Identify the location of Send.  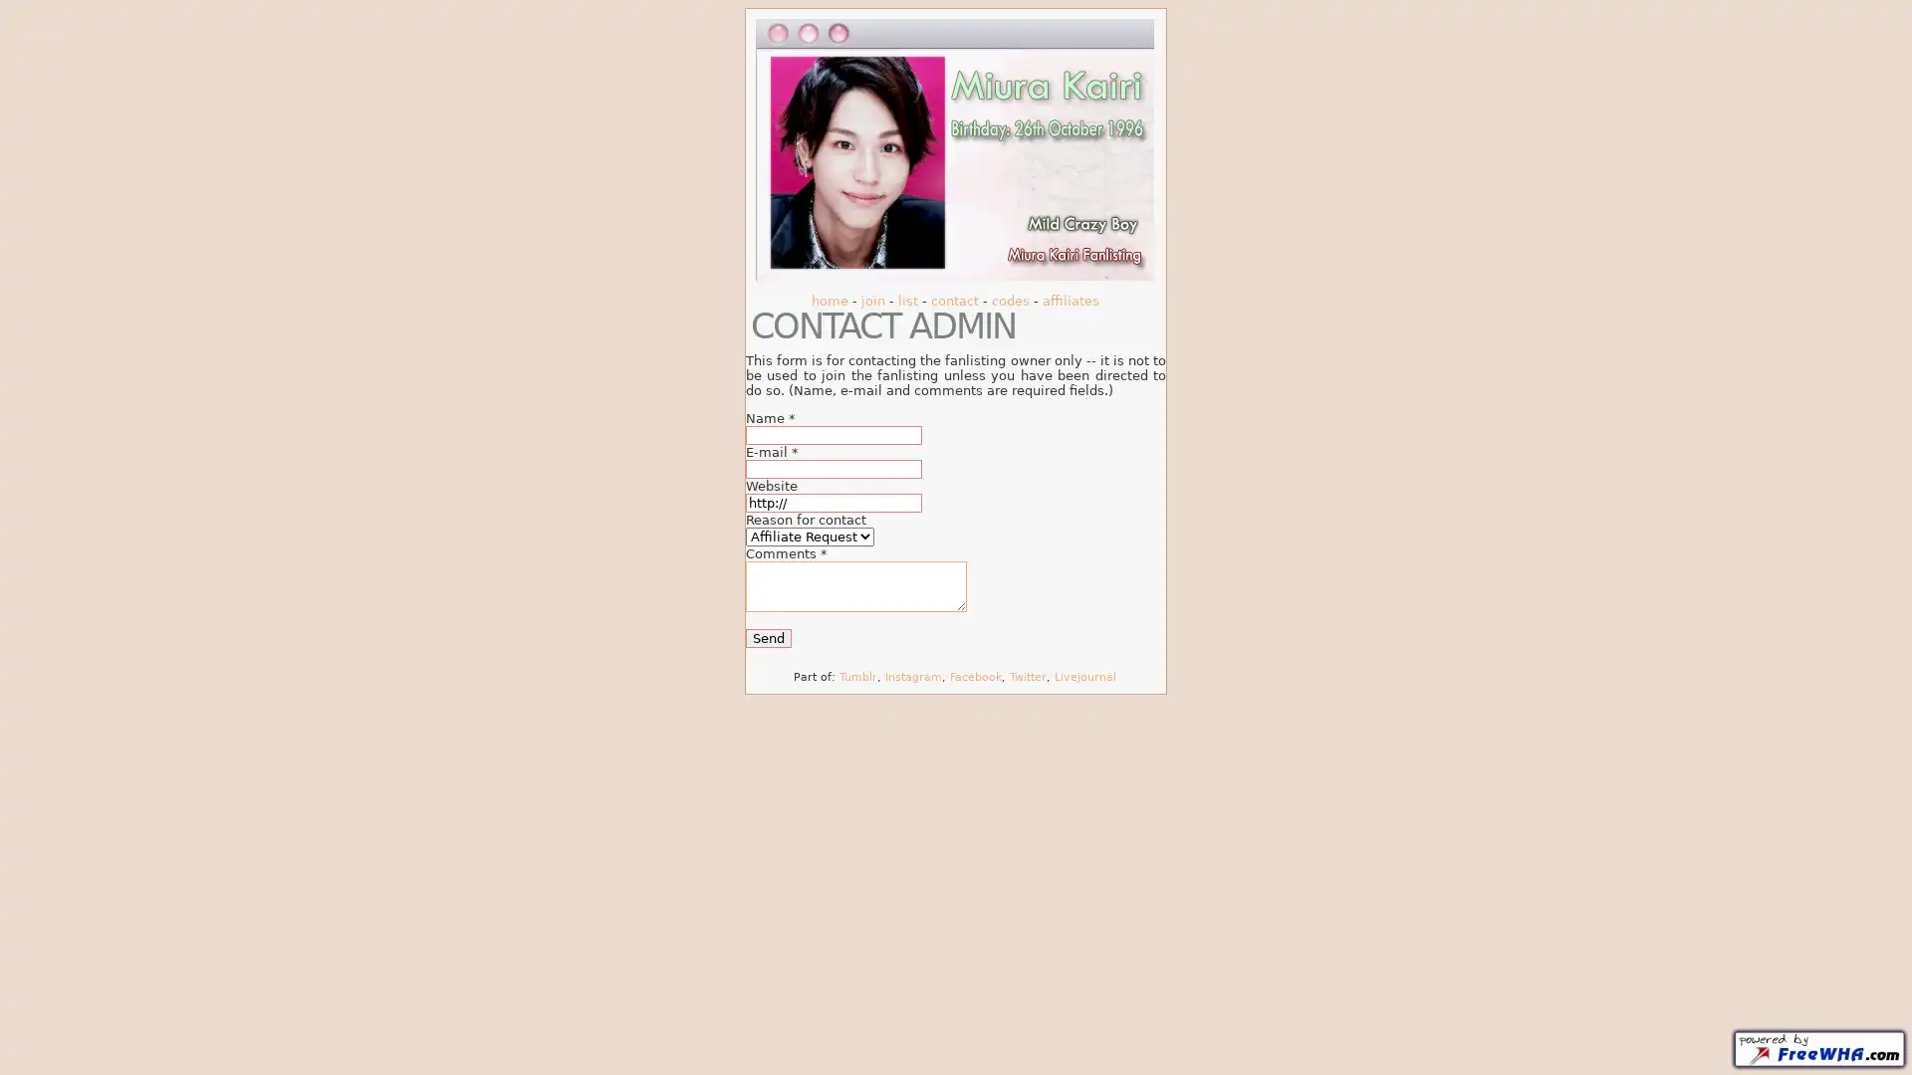
(768, 637).